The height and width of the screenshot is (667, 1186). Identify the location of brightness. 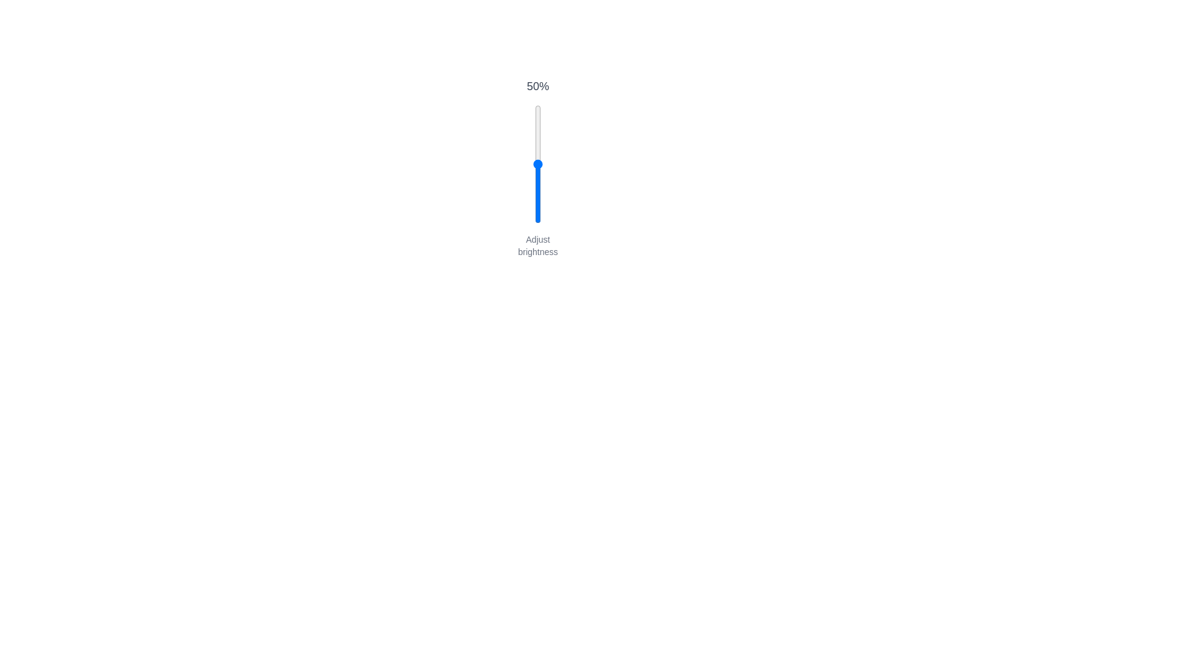
(537, 160).